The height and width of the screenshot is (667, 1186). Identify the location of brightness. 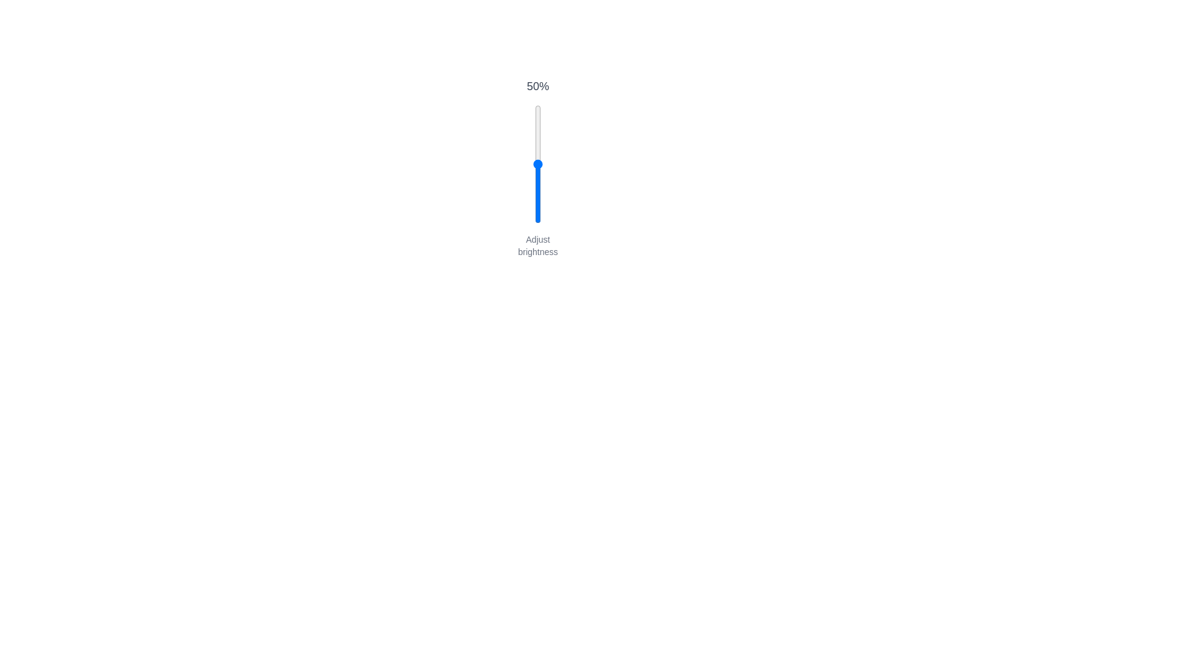
(537, 160).